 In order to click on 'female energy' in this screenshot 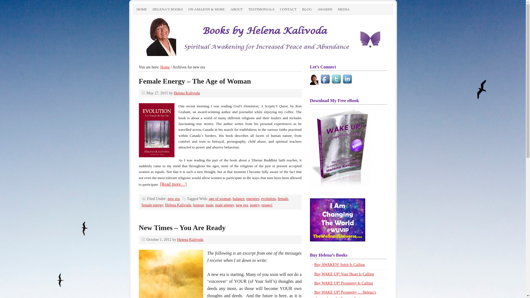, I will do `click(152, 205)`.